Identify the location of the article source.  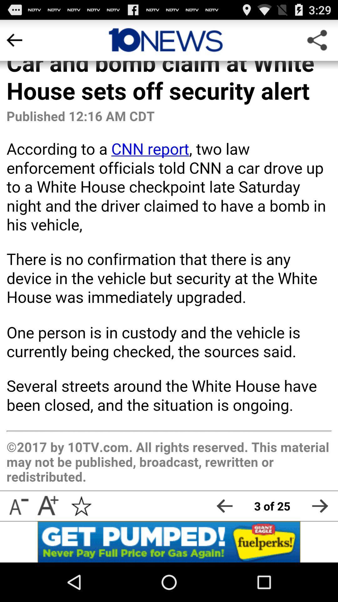
(165, 40).